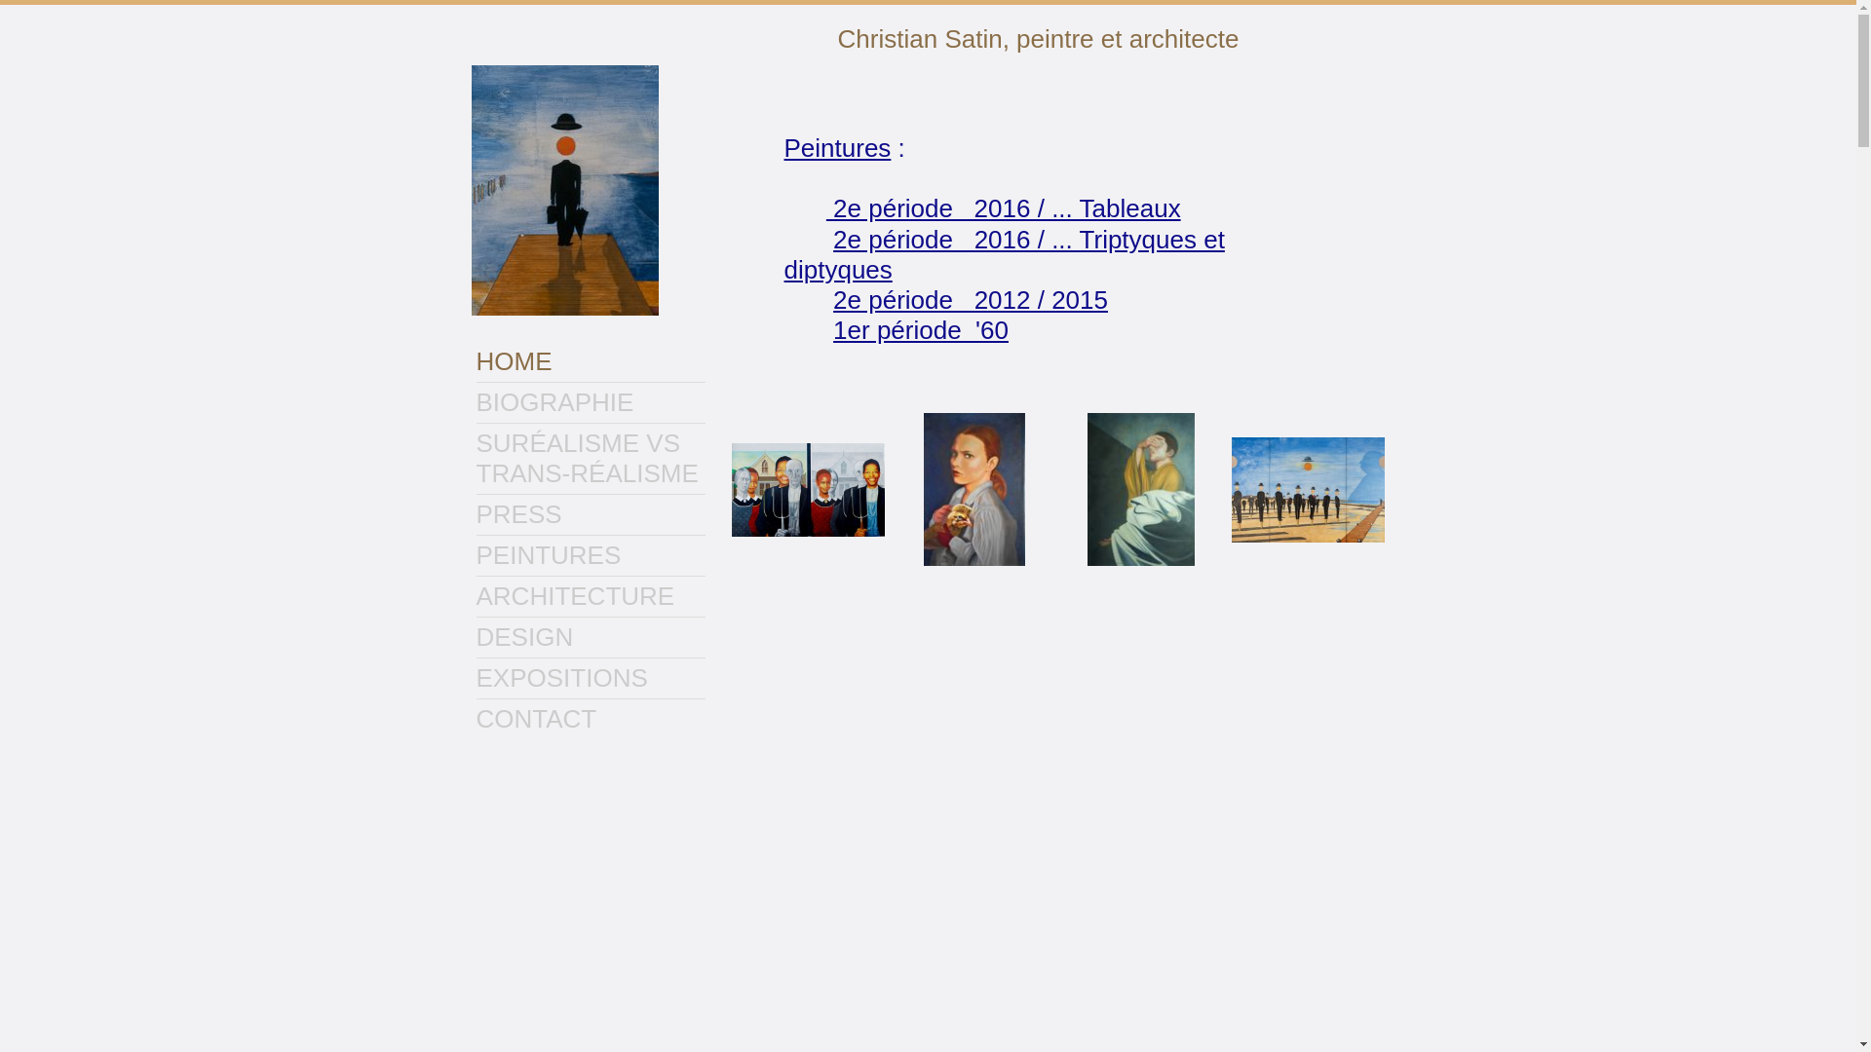 The height and width of the screenshot is (1052, 1871). I want to click on 'PEINTURES', so click(589, 555).